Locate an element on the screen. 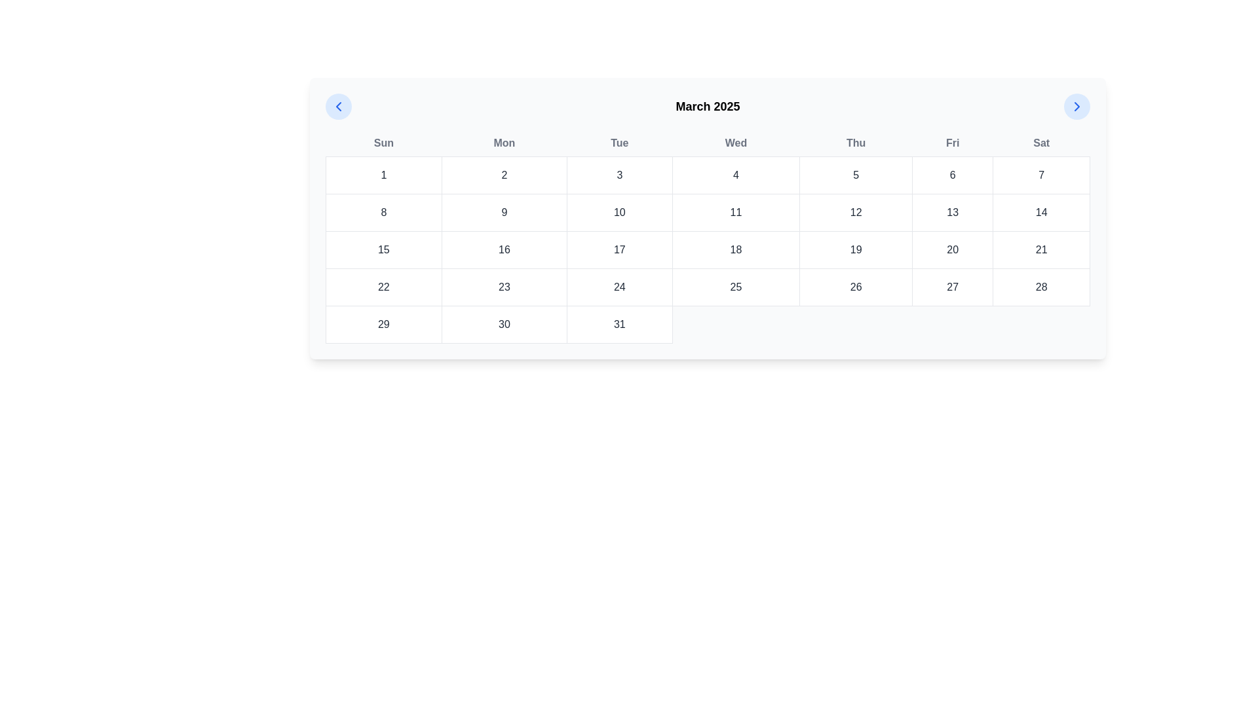  the button-like clickable calendar cell displaying the number '22', which is located in the first cell of the fourth row of the calendar grid is located at coordinates (383, 287).